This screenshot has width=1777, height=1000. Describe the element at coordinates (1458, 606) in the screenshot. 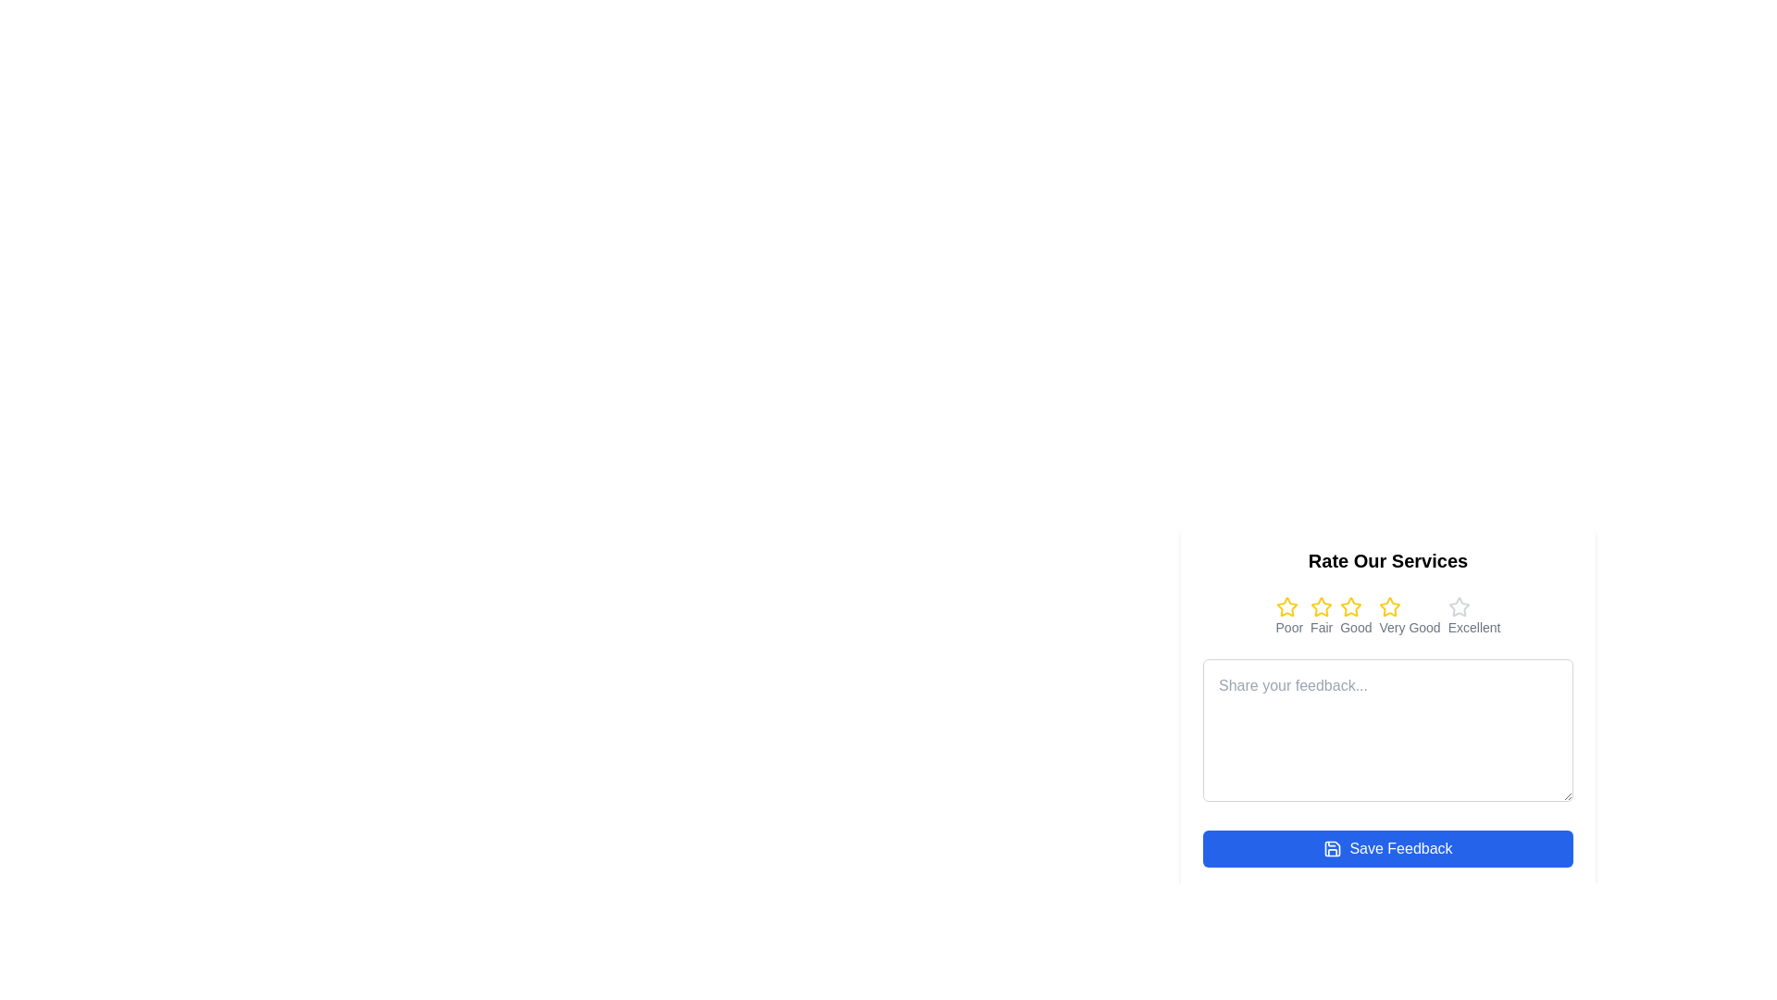

I see `the fifth star-shaped icon in the rating system` at that location.